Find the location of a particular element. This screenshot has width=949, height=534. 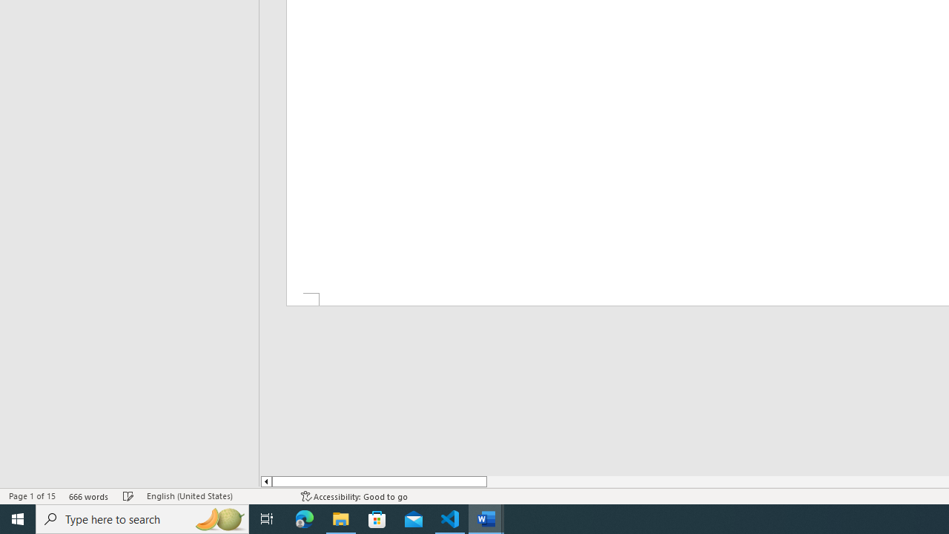

'Language English (United States)' is located at coordinates (216, 496).